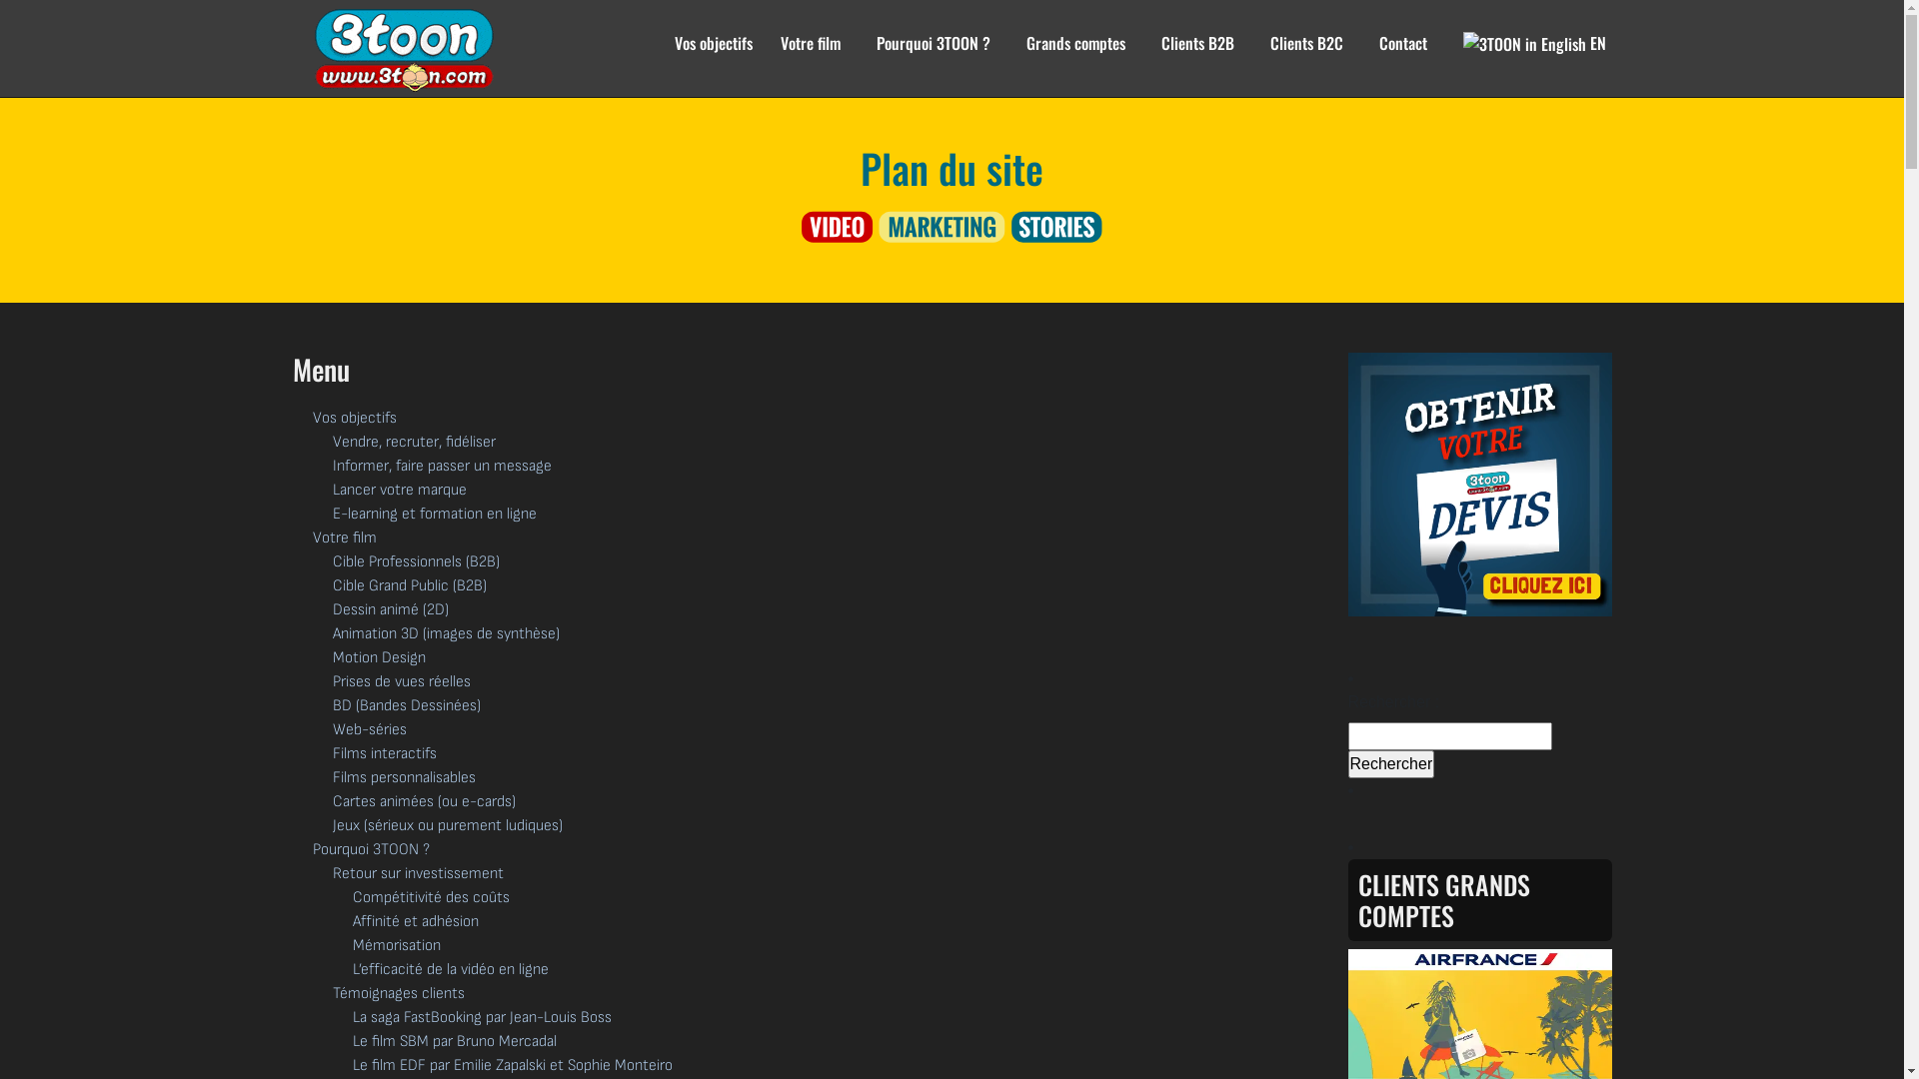  Describe the element at coordinates (398, 490) in the screenshot. I see `'Lancer votre marque'` at that location.